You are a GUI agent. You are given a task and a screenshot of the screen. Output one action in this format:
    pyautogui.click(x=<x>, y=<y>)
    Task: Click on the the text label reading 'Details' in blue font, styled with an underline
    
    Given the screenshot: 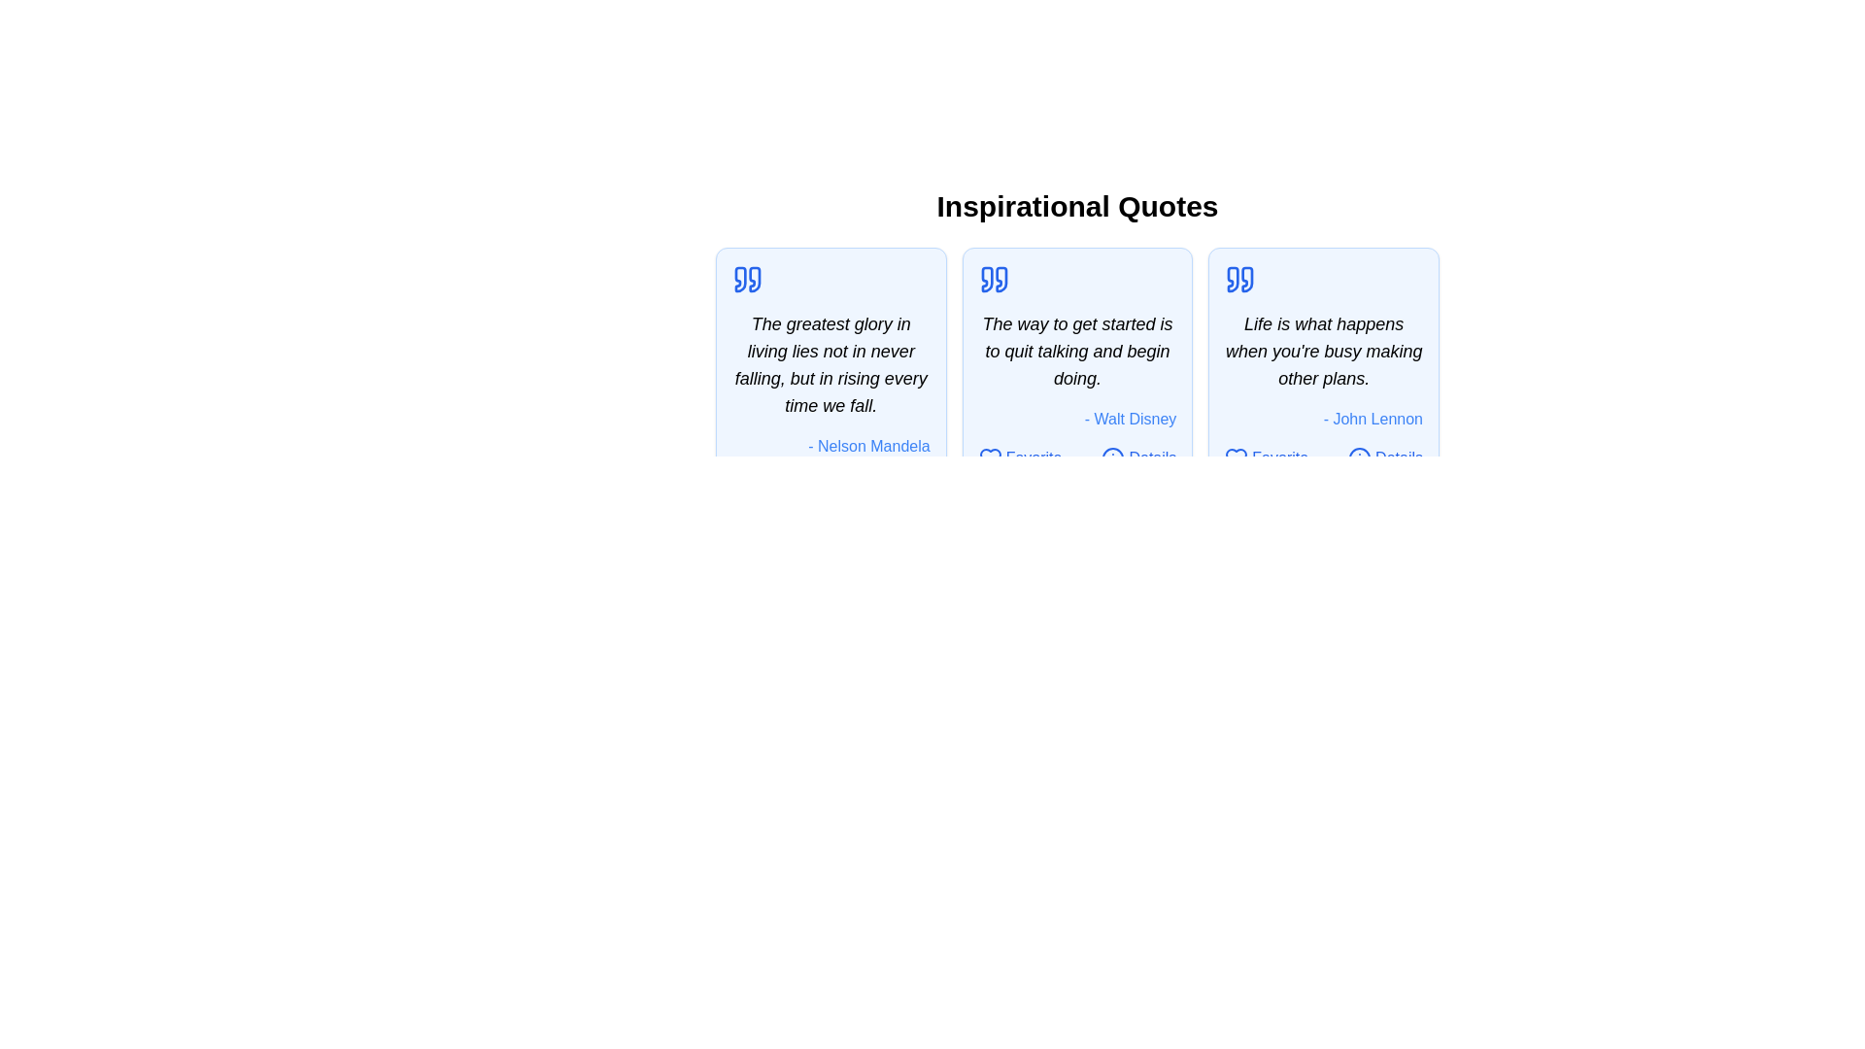 What is the action you would take?
    pyautogui.click(x=1152, y=457)
    